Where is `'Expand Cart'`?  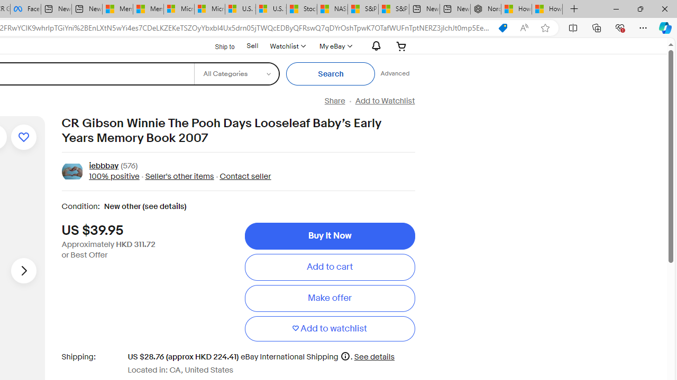 'Expand Cart' is located at coordinates (401, 45).